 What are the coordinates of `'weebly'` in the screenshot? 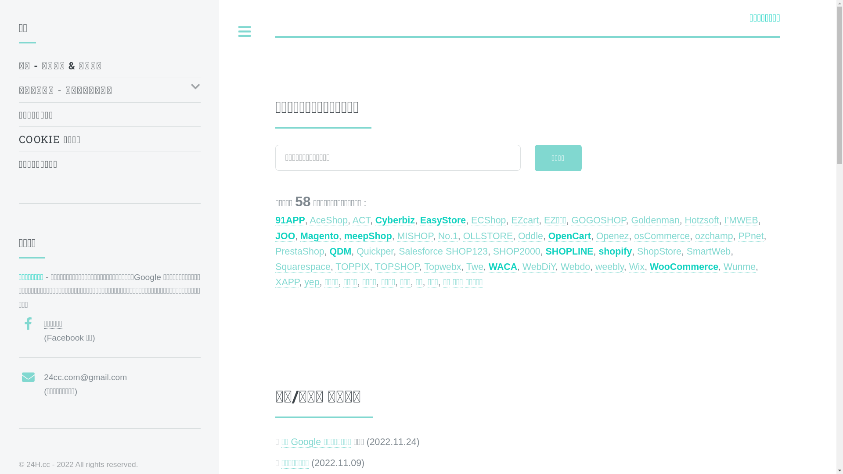 It's located at (609, 266).